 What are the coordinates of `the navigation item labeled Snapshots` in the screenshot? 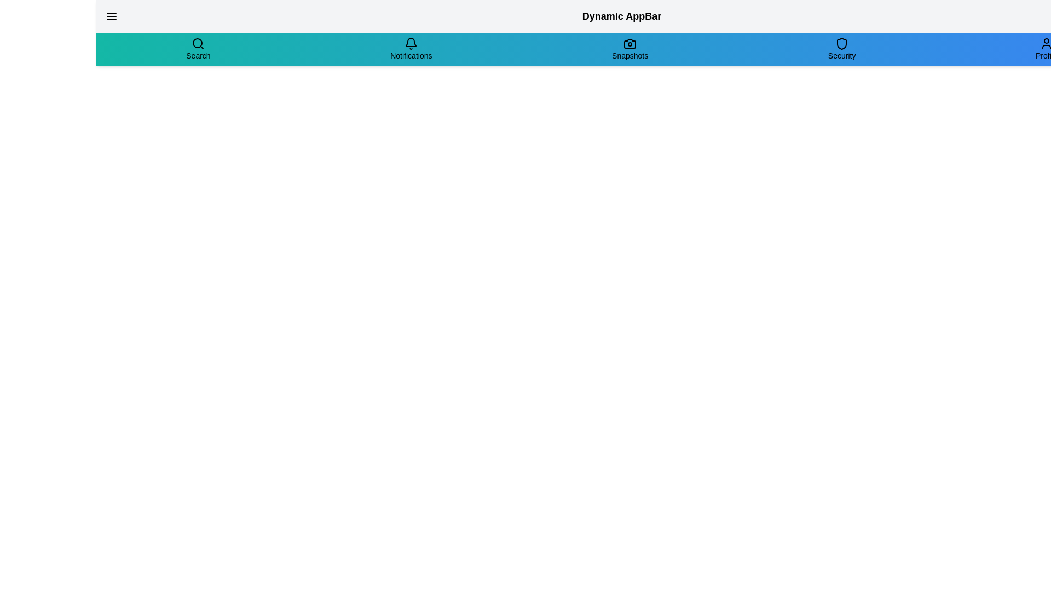 It's located at (630, 48).